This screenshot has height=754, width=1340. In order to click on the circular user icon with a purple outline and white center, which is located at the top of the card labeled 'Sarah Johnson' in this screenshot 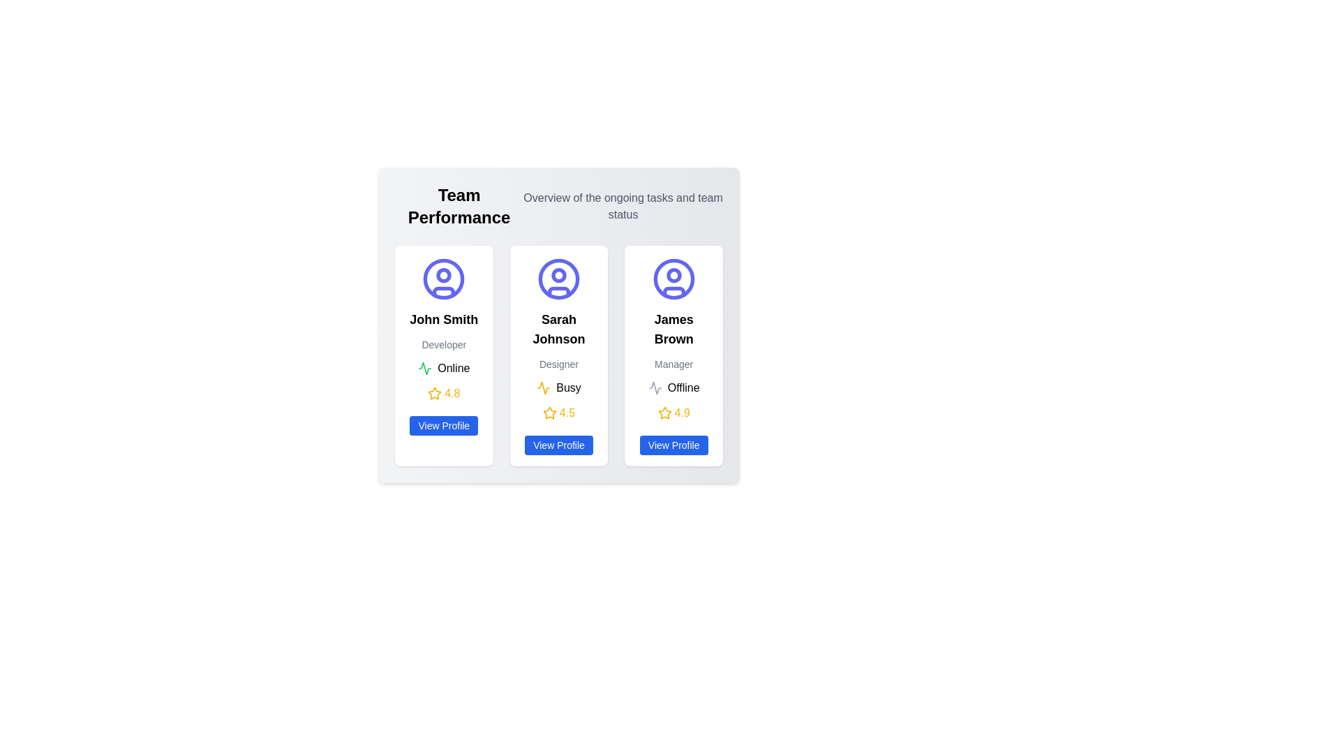, I will do `click(559, 279)`.